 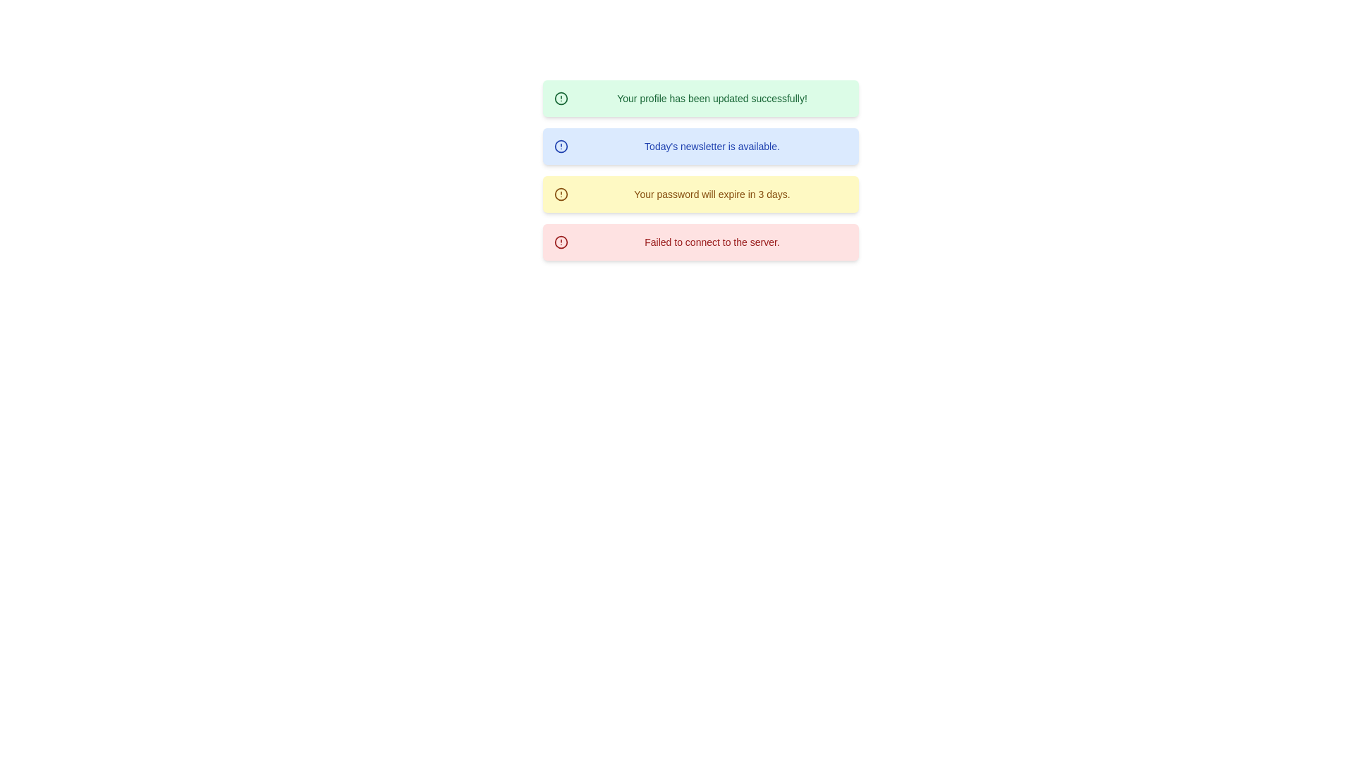 I want to click on the circular graphic element of the alert icon, which is part of the notification tooltip next to the text 'Today's newsletter is available.', so click(x=561, y=147).